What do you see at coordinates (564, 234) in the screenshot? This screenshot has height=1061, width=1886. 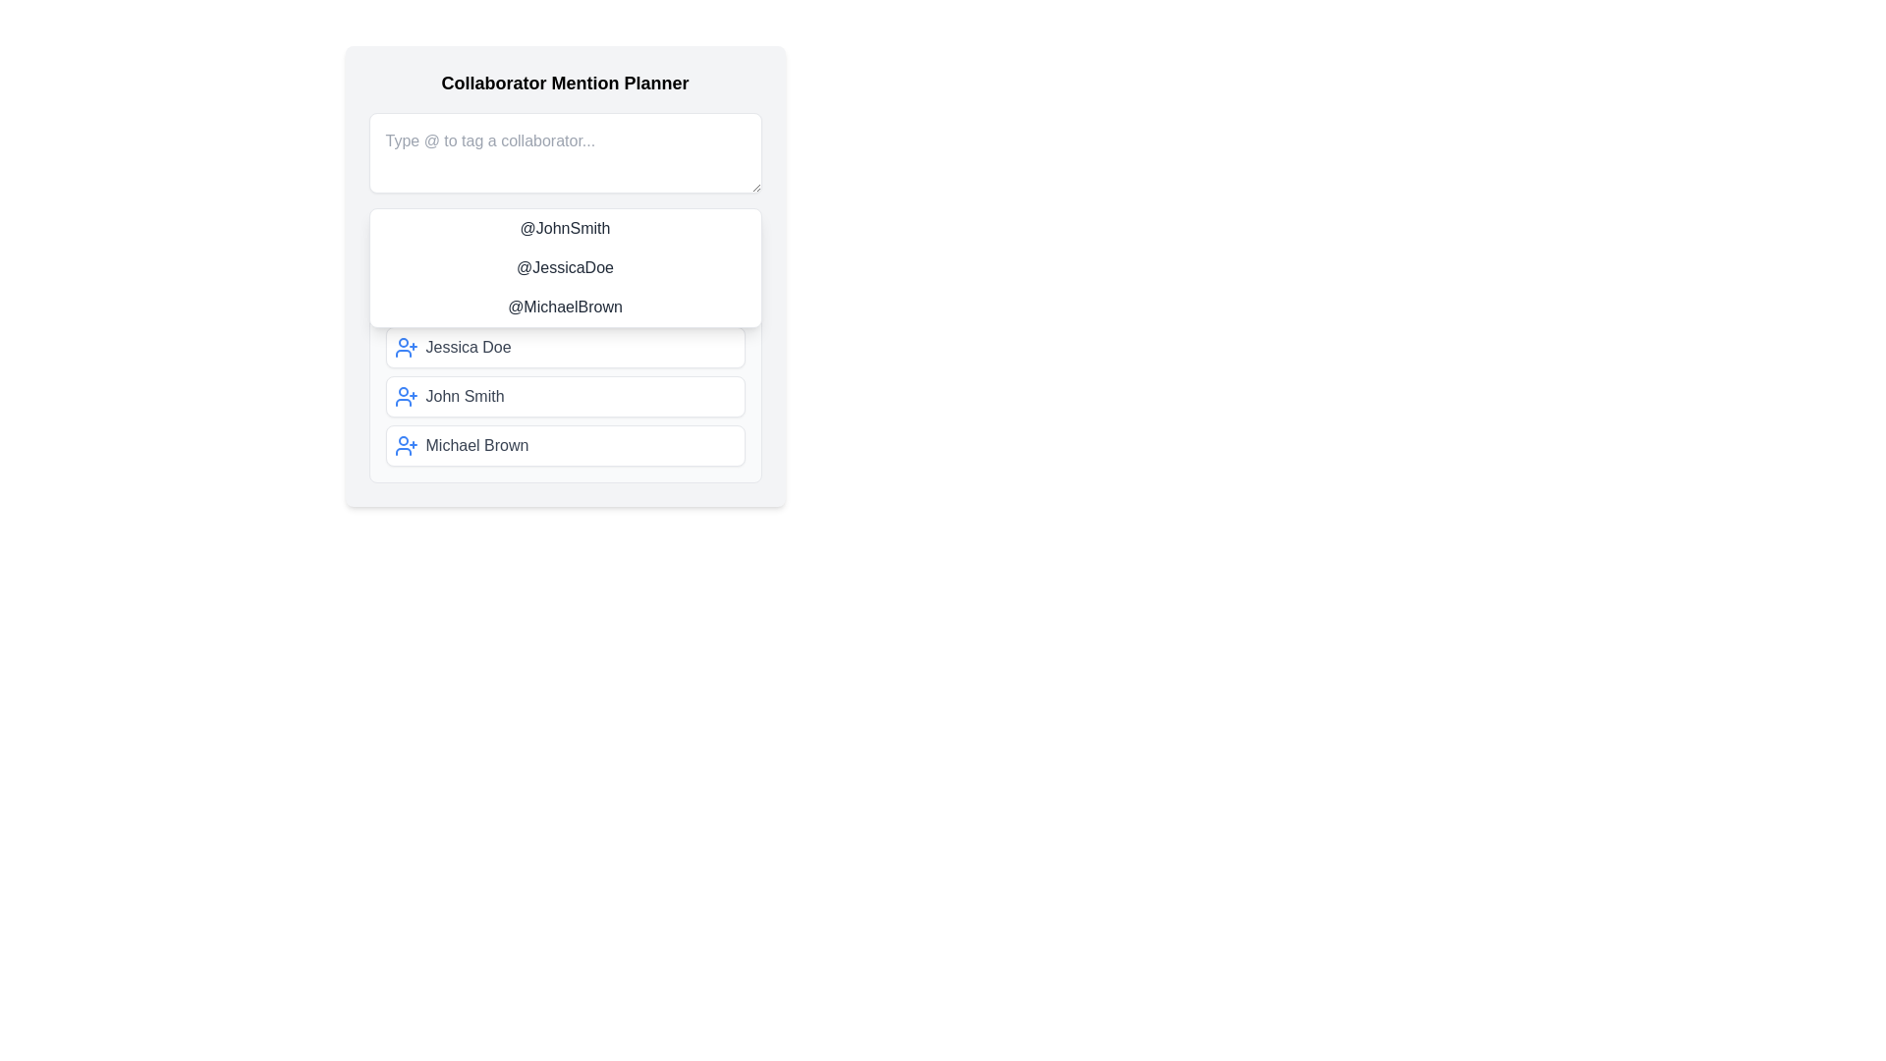 I see `the username label '@JohnSmith'` at bounding box center [564, 234].